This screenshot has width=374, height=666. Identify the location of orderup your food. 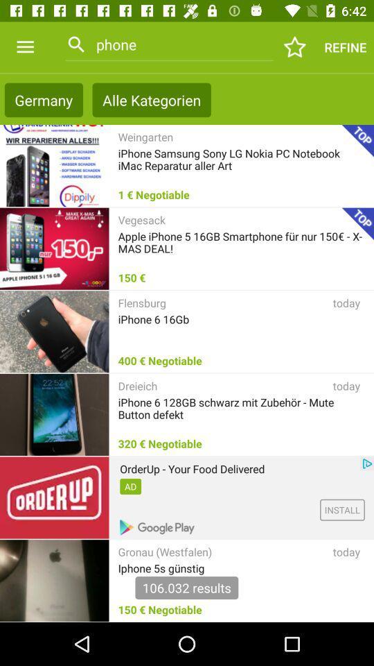
(191, 468).